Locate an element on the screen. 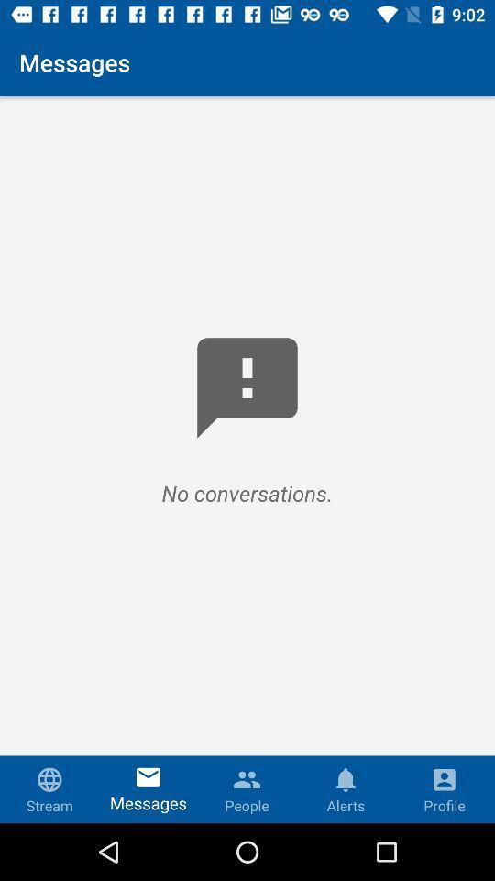 The width and height of the screenshot is (495, 881). the icon below messages is located at coordinates (247, 459).